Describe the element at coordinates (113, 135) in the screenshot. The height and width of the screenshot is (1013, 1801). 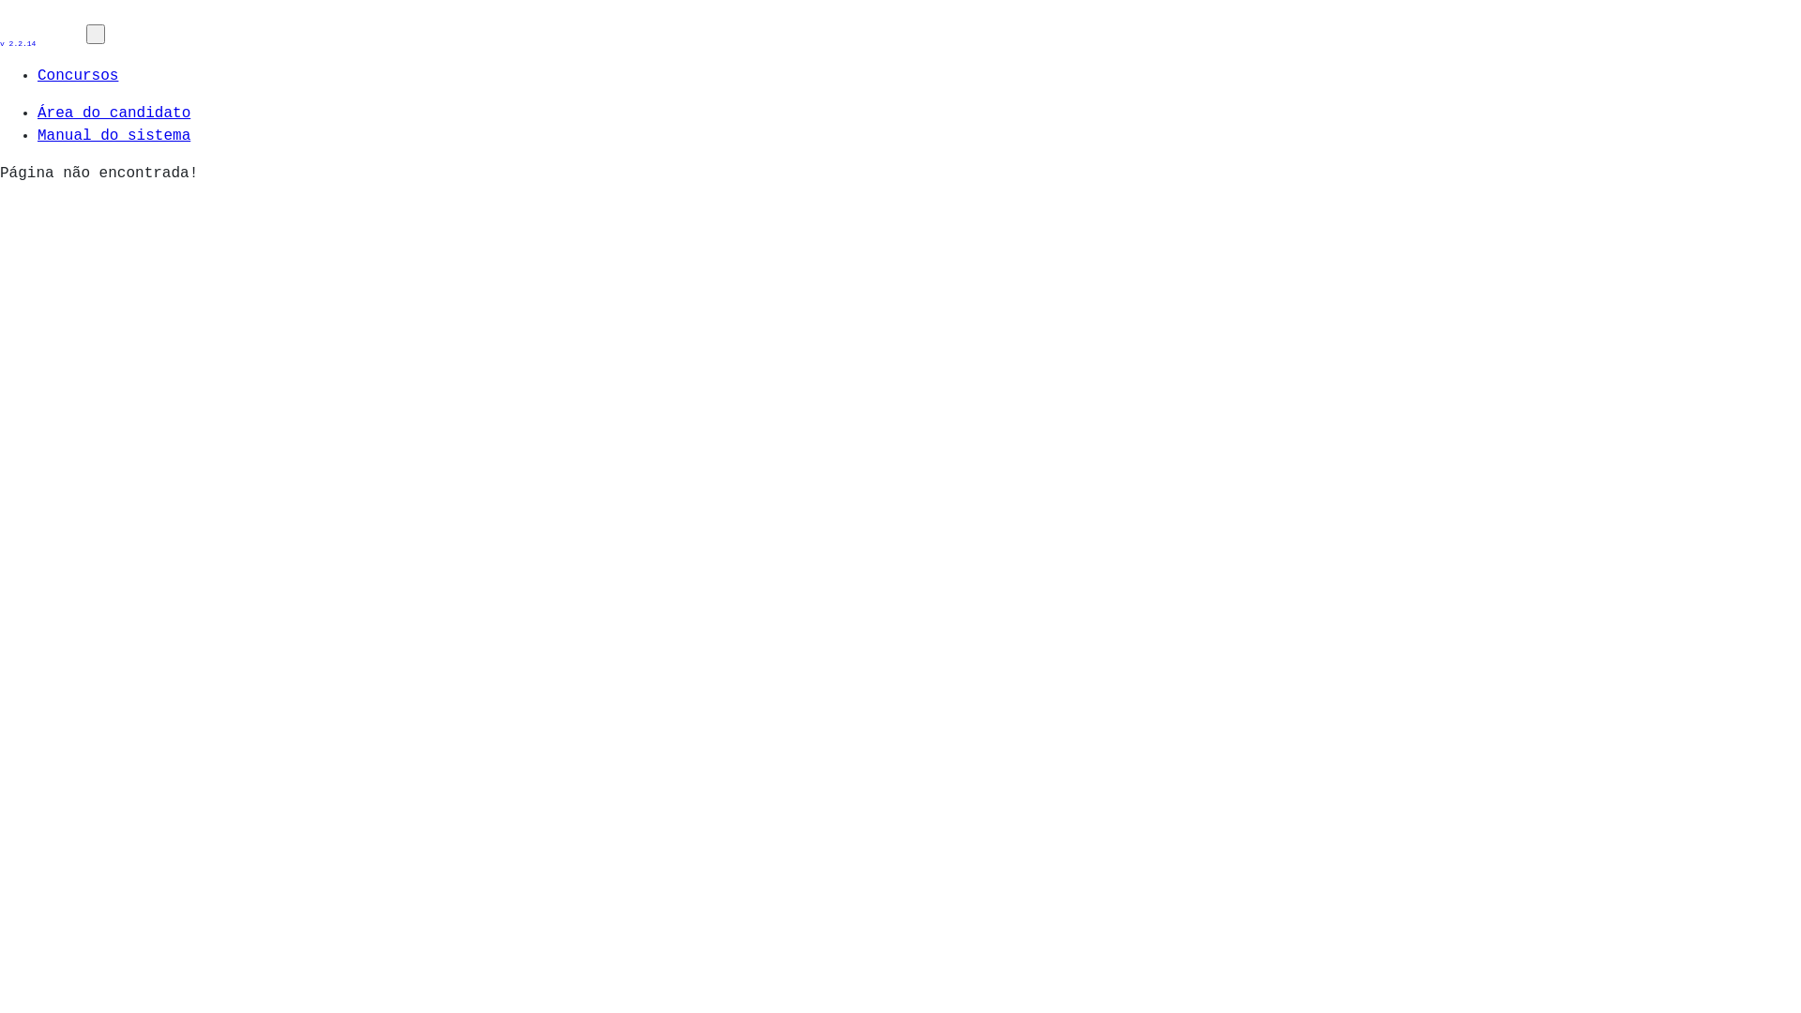
I see `'Manual do sistema'` at that location.